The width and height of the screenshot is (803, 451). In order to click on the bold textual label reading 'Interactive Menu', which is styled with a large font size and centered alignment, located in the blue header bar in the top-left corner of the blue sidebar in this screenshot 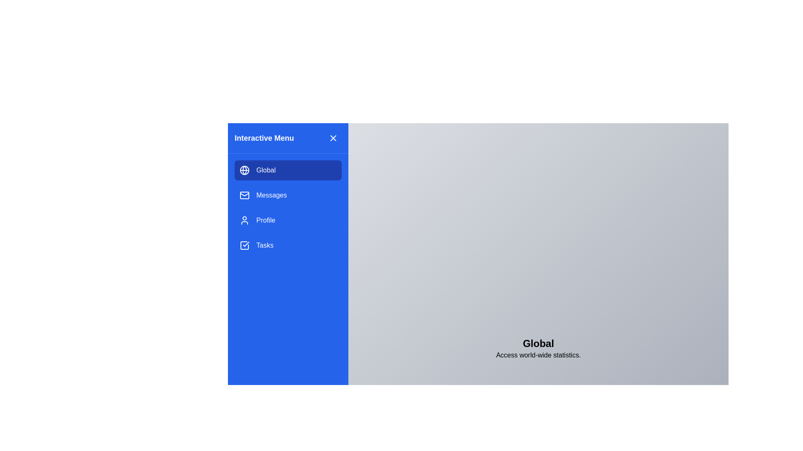, I will do `click(264, 138)`.